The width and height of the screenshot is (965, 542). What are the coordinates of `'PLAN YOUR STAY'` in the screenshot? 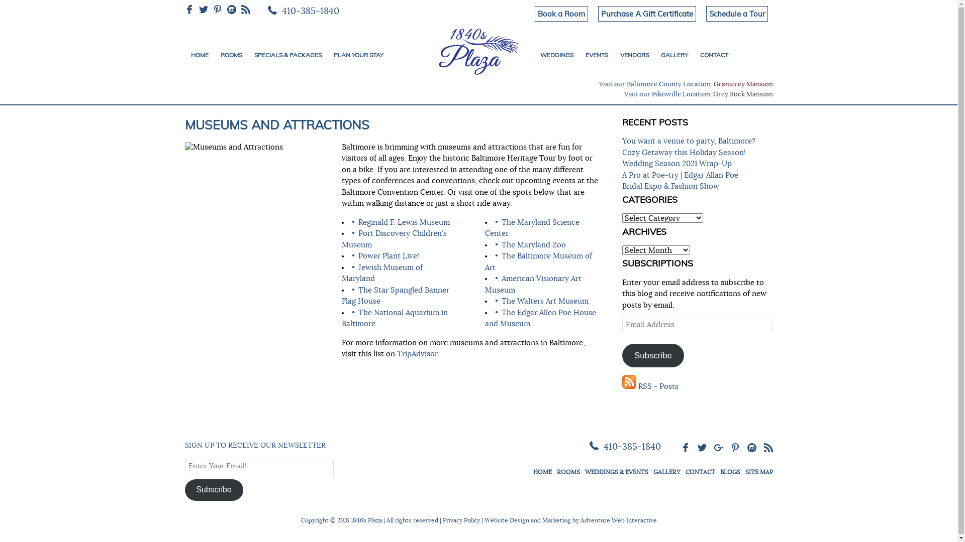 It's located at (358, 55).